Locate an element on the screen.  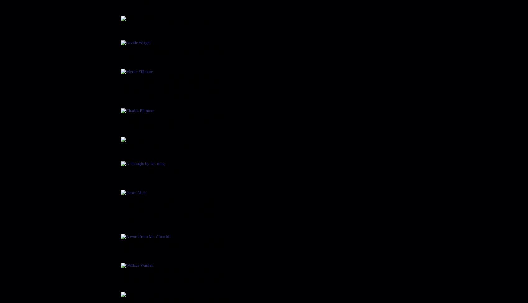
'"We were lucky enough to grow up in an environment where there was much encouragement to children to pursue intellectual interests."' is located at coordinates (175, 52).